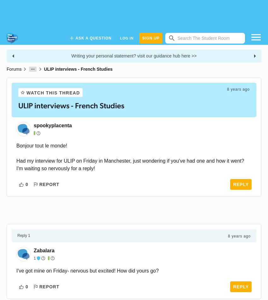 Image resolution: width=268 pixels, height=300 pixels. What do you see at coordinates (226, 161) in the screenshot?
I see `'it'` at bounding box center [226, 161].